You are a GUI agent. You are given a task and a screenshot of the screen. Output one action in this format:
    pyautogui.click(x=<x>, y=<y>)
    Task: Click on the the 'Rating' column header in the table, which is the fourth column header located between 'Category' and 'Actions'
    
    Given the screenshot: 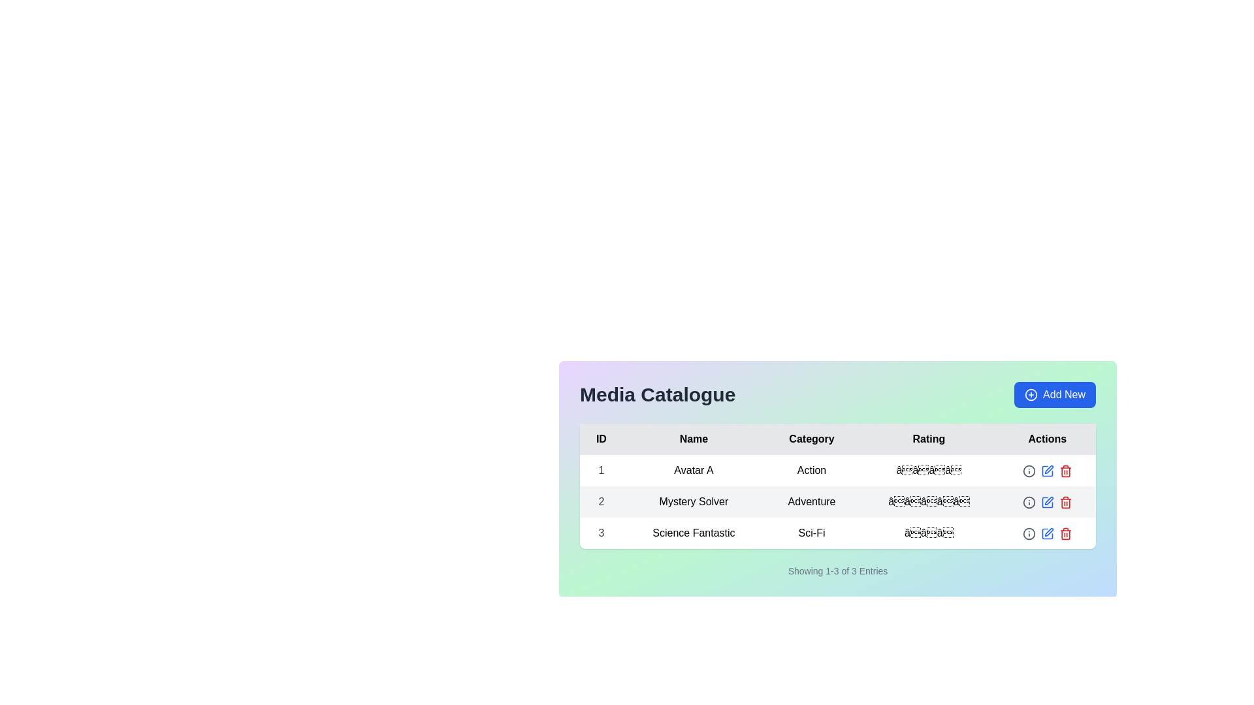 What is the action you would take?
    pyautogui.click(x=928, y=439)
    